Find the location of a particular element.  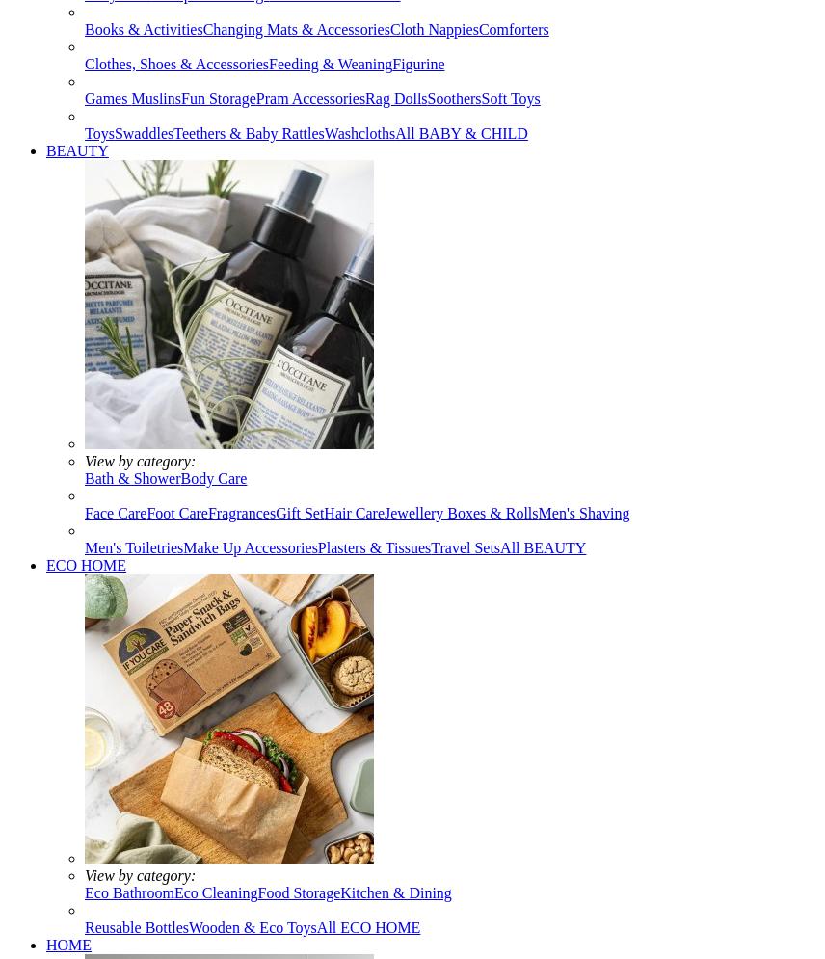

'Body Care' is located at coordinates (213, 478).